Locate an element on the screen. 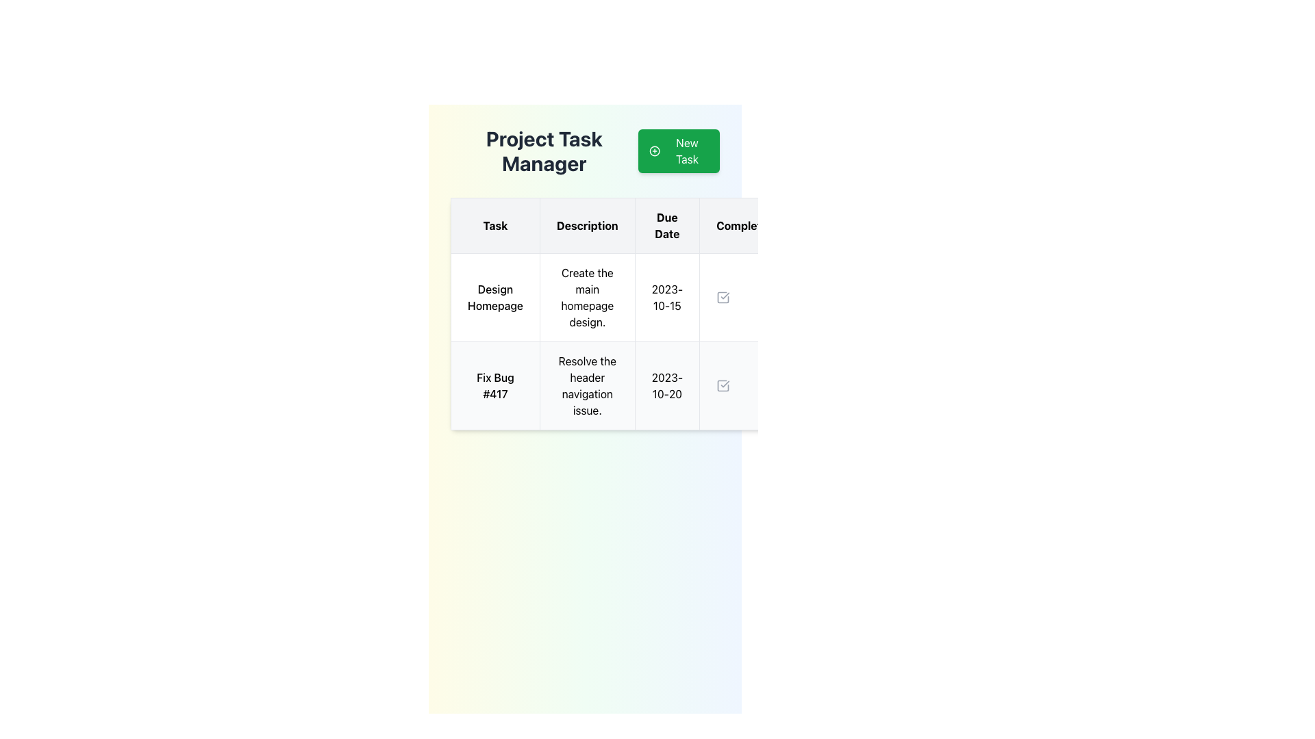 The width and height of the screenshot is (1315, 739). the interactive components within the first row of the task entry table, which details the task title, description, and due date, located just above the 'Fix Bug #417' row is located at coordinates (653, 297).